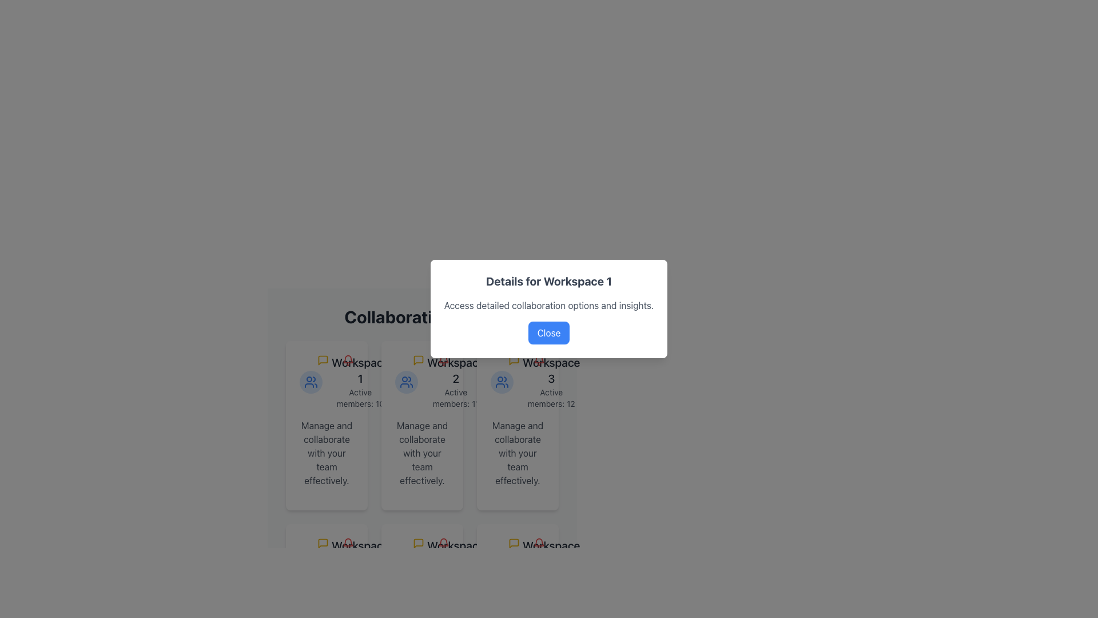 Image resolution: width=1098 pixels, height=618 pixels. I want to click on the notification icon located in the lower-right quadrant of the third workspace card in the workspace management interface, so click(538, 542).